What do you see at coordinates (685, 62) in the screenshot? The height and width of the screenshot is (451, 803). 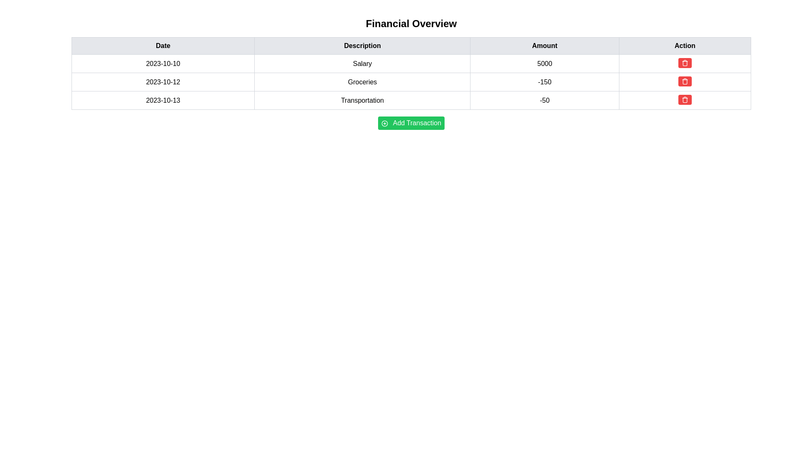 I see `the first button in the 'Action' column of the first row in the table` at bounding box center [685, 62].